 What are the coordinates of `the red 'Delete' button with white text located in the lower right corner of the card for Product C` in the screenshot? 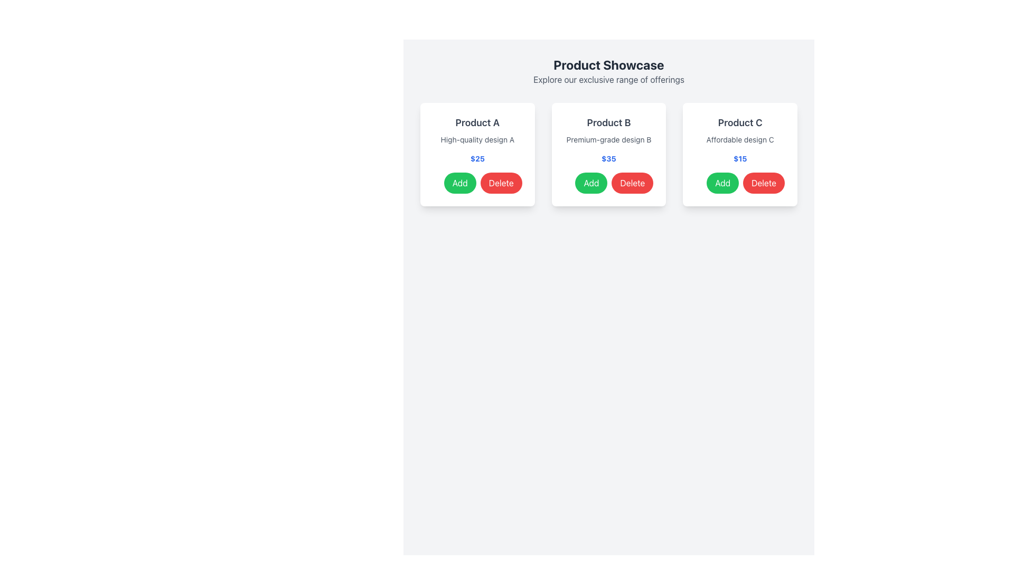 It's located at (764, 183).